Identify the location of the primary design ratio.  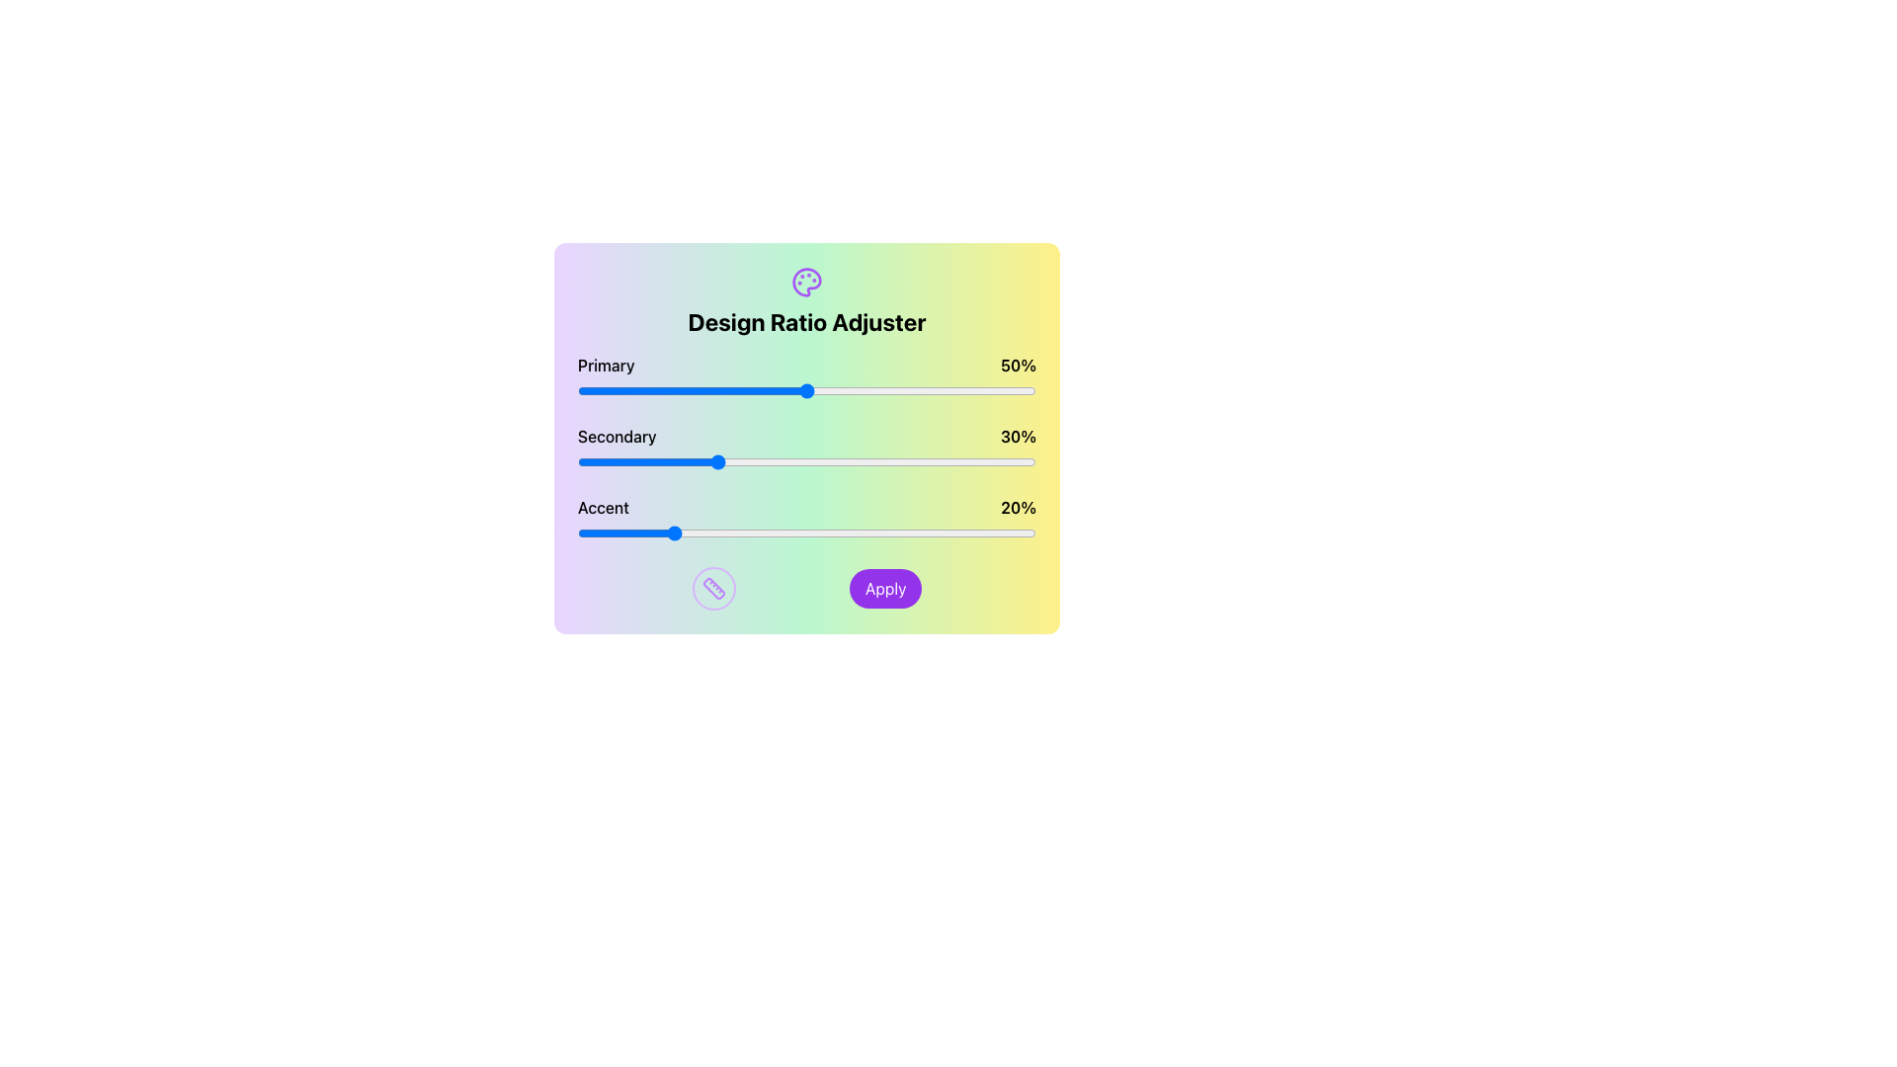
(825, 391).